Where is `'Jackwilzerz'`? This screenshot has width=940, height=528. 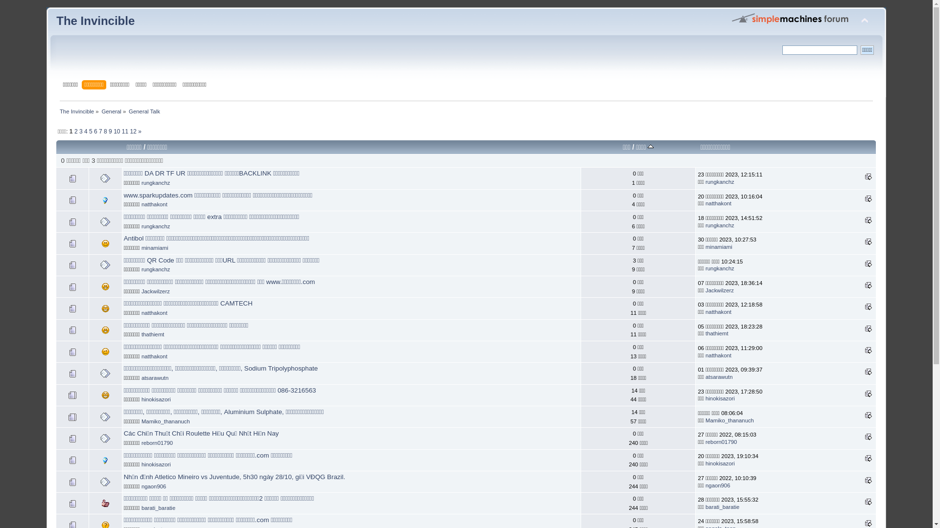
'Jackwilzerz' is located at coordinates (155, 291).